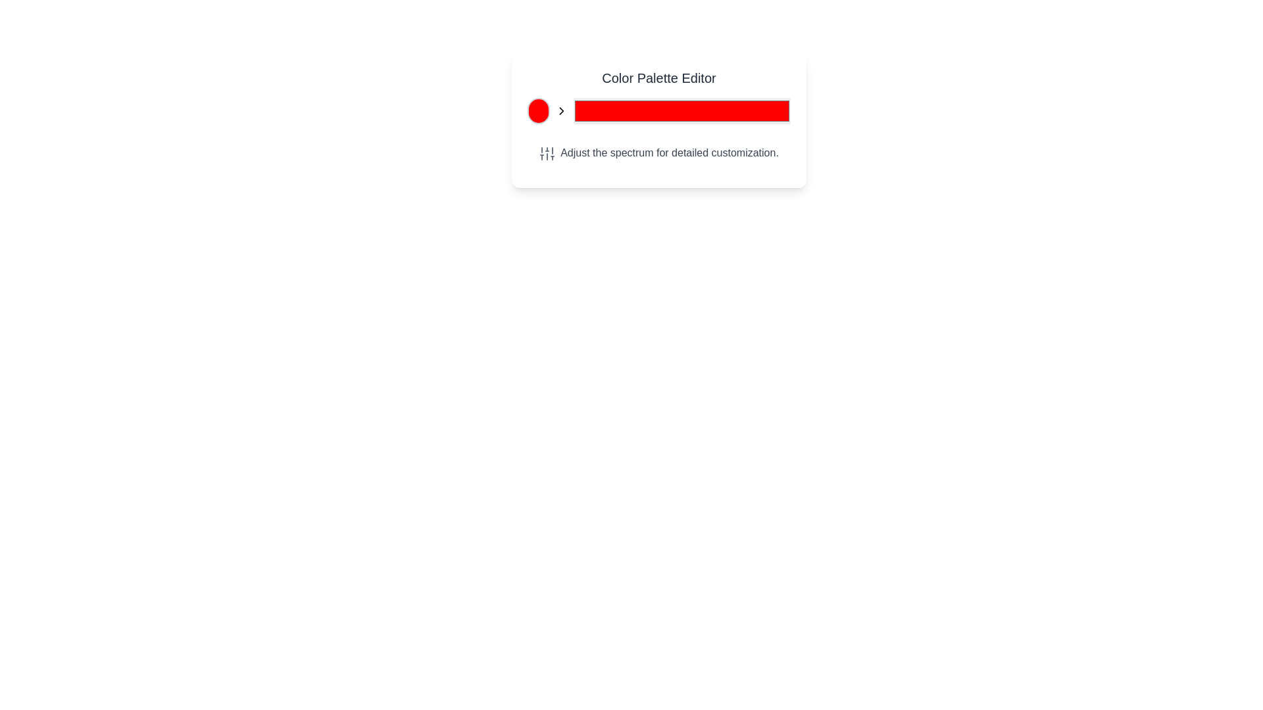  Describe the element at coordinates (561, 110) in the screenshot. I see `the chevron arrow icon pointing to the right, which is a minimalist design located between a red circular element and a red rectangular input field` at that location.